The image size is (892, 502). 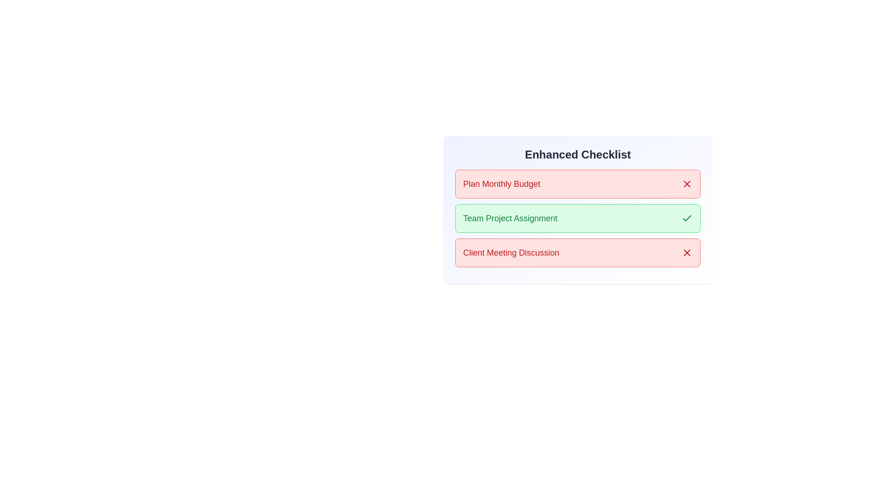 What do you see at coordinates (501, 184) in the screenshot?
I see `the label indicating the task 'Plan Monthly Budget' in the checklist interface with a light red background` at bounding box center [501, 184].